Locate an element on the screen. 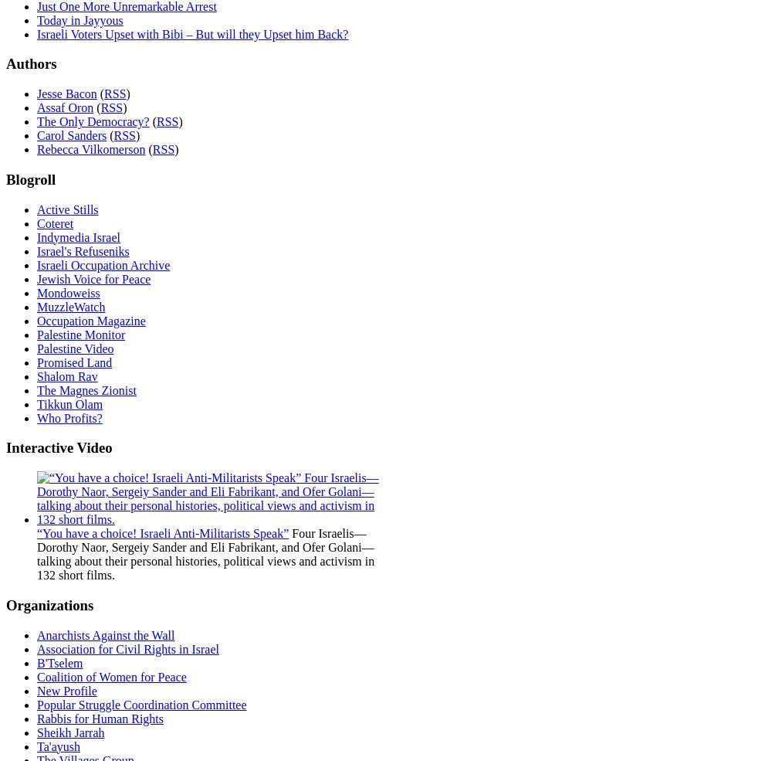 The width and height of the screenshot is (758, 761). 'Israel's Refuseniks' is located at coordinates (36, 250).